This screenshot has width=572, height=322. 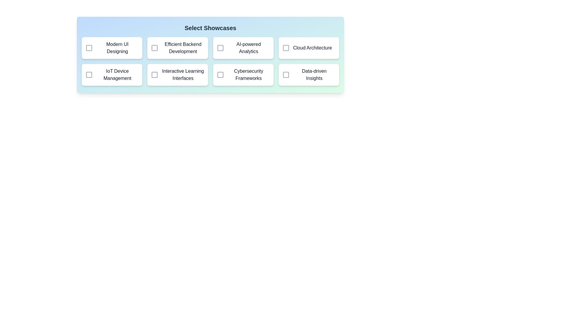 I want to click on the showcase item labeled 'Efficient Backend Development' to observe the hover effect, so click(x=177, y=48).